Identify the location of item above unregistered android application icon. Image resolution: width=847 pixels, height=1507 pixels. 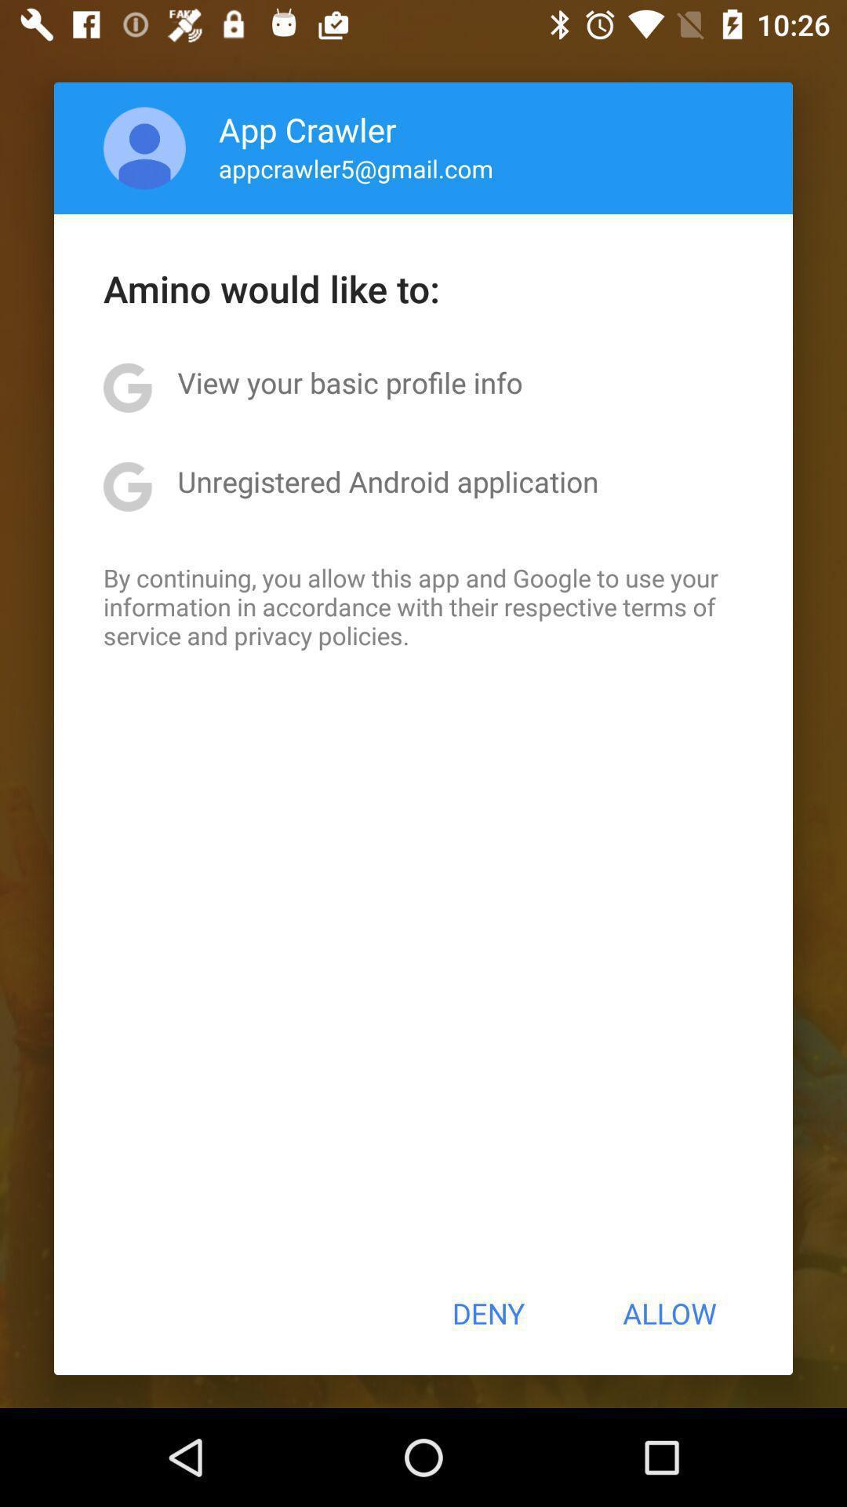
(349, 382).